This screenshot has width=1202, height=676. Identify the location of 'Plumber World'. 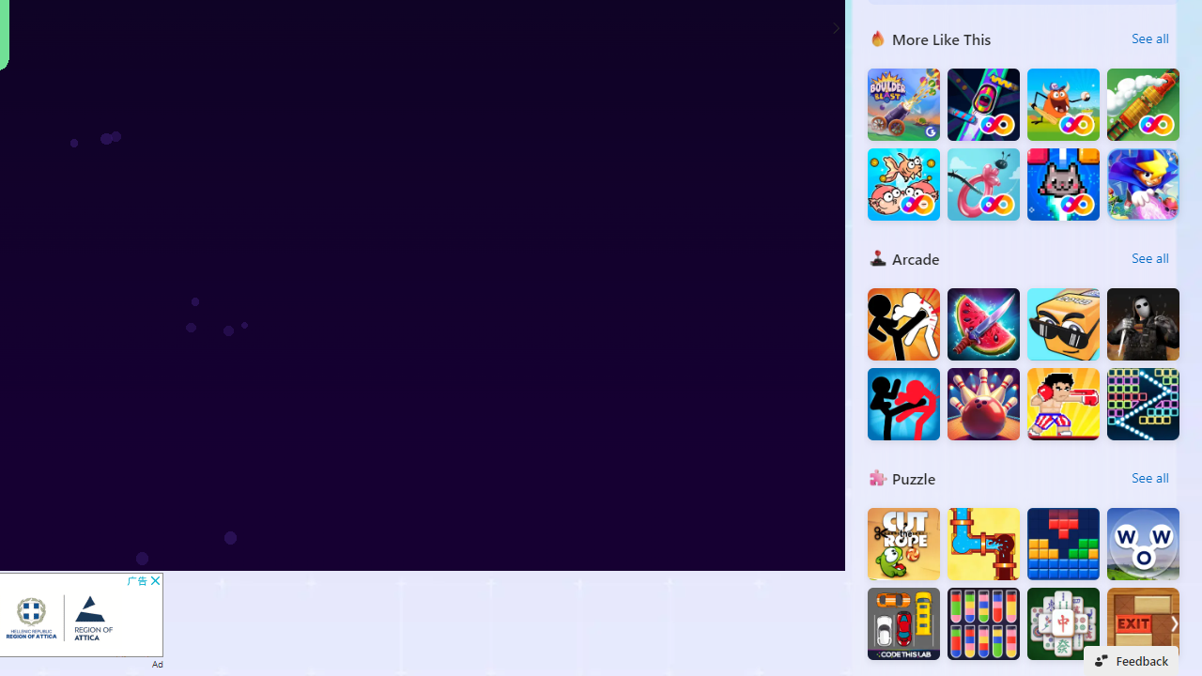
(982, 544).